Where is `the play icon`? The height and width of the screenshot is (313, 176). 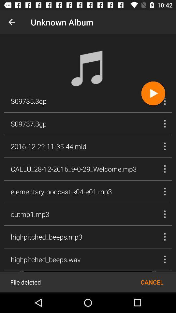
the play icon is located at coordinates (153, 93).